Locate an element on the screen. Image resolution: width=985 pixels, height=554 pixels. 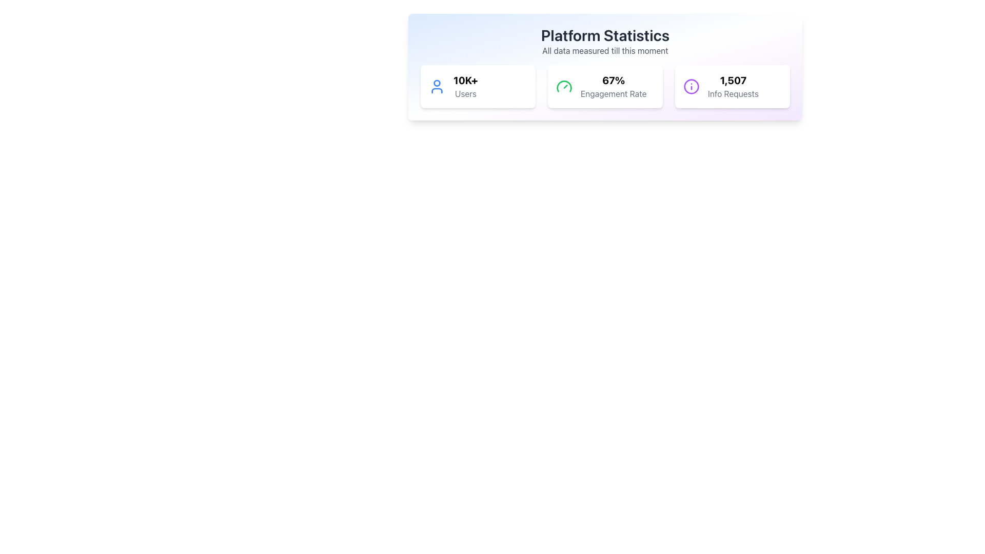
the middle rectangular card with a white background, rounded corners, and a green half-circle gauge icon, containing '67%' in bold black text and 'Engagement Rate' in smaller gray text, located under 'Platform Statistics' is located at coordinates (605, 86).